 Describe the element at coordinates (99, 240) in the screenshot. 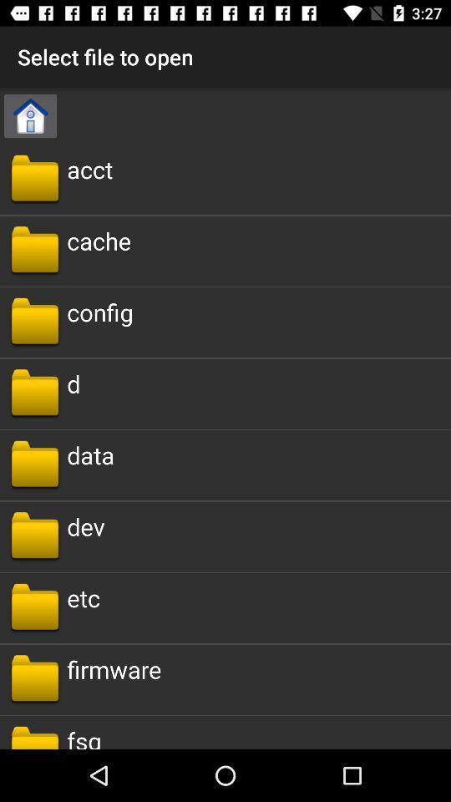

I see `cache app` at that location.